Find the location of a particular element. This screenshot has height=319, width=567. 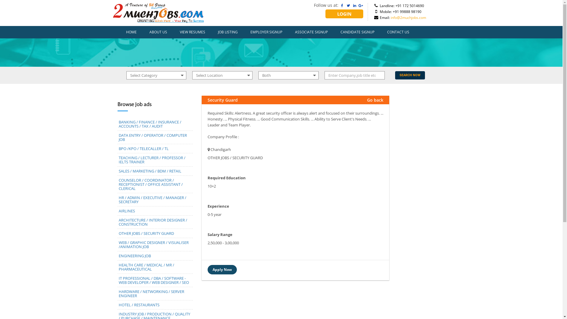

'SALES / MARKETING / BDM / RETAIL' is located at coordinates (150, 171).